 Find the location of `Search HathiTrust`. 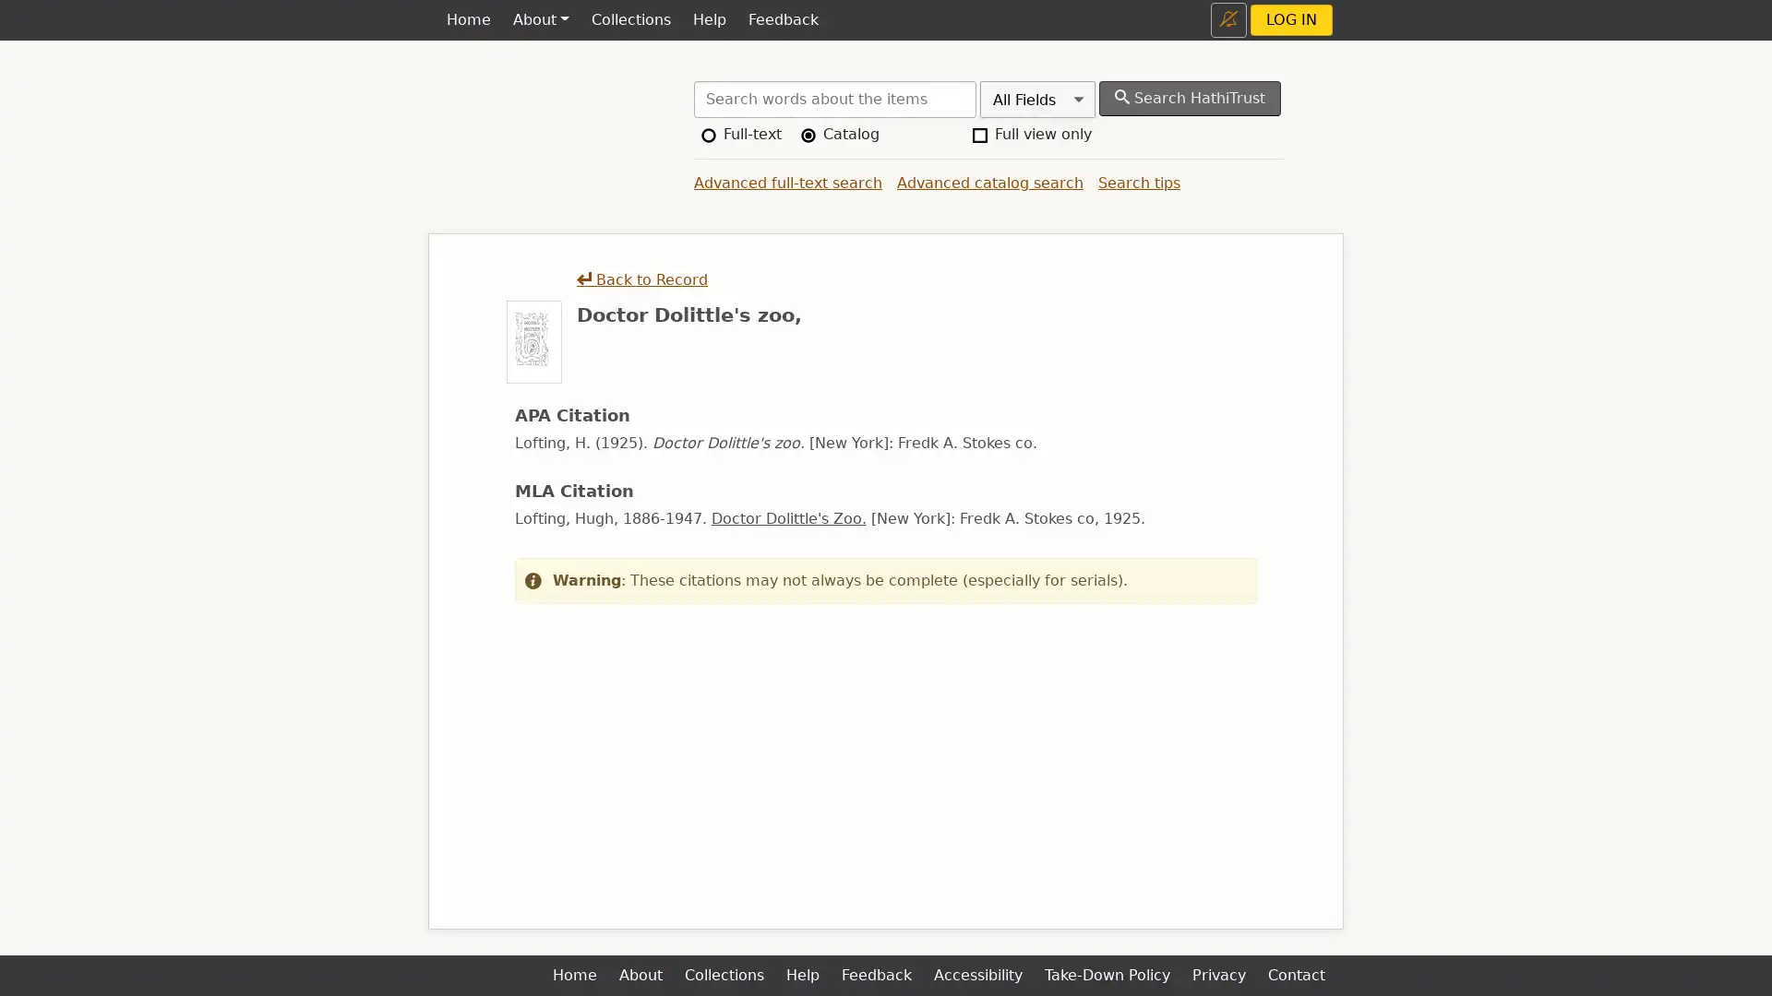

Search HathiTrust is located at coordinates (1190, 99).